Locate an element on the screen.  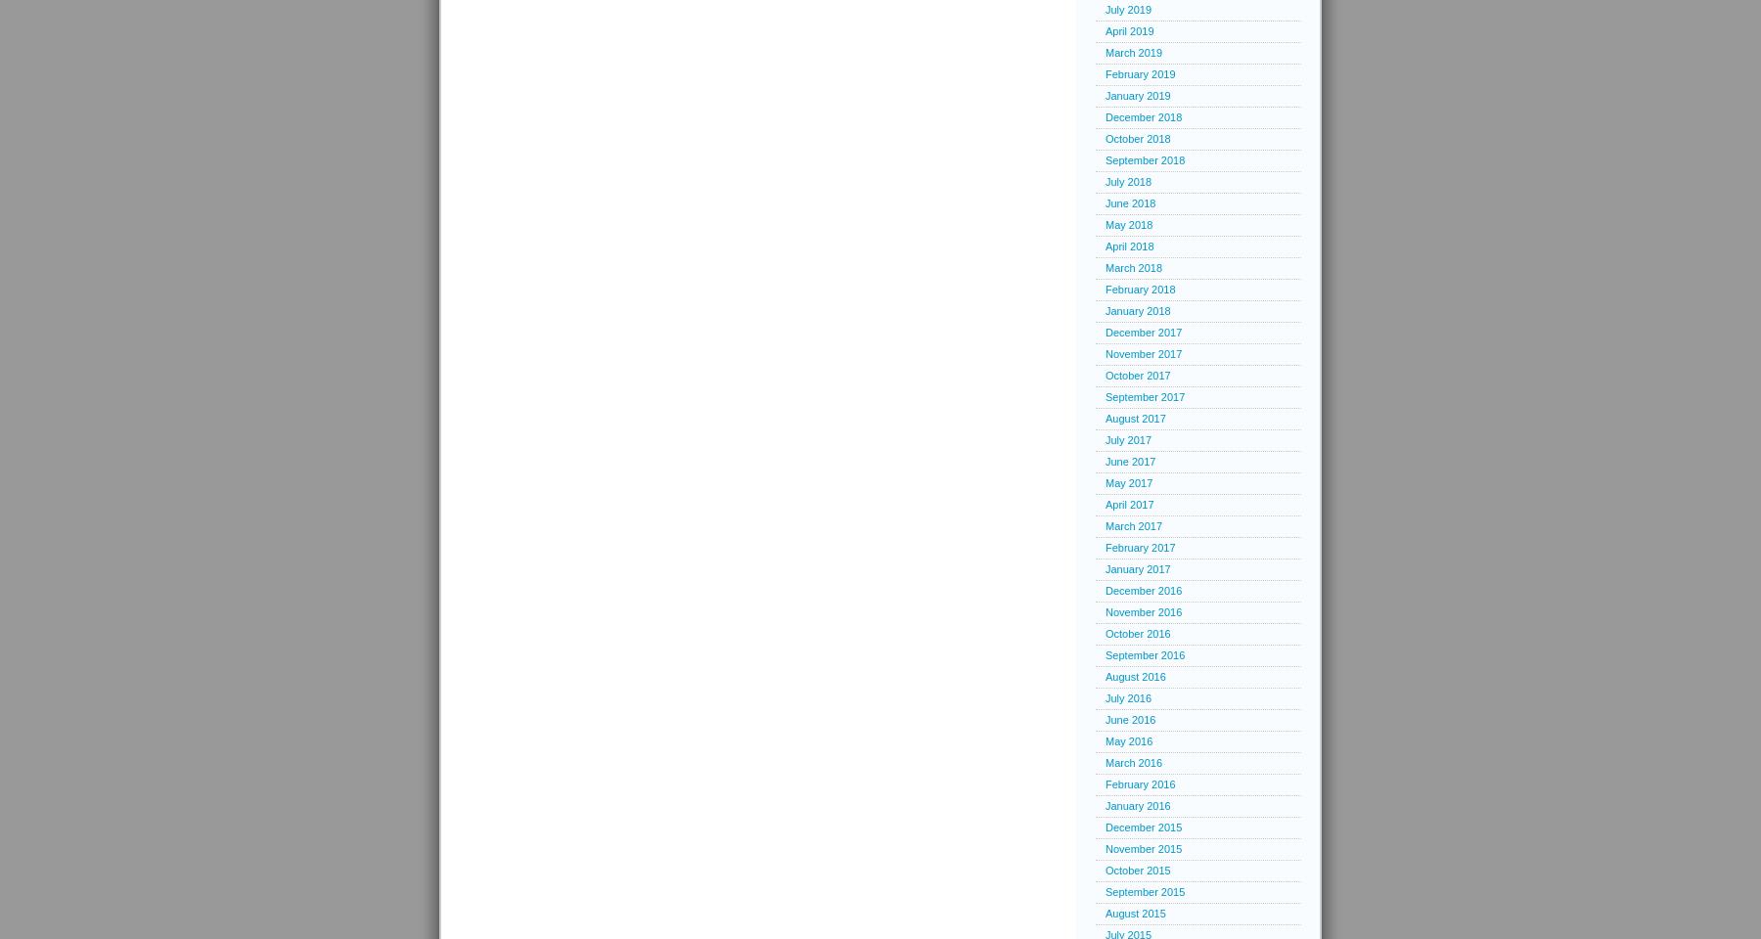
'April 2019' is located at coordinates (1128, 29).